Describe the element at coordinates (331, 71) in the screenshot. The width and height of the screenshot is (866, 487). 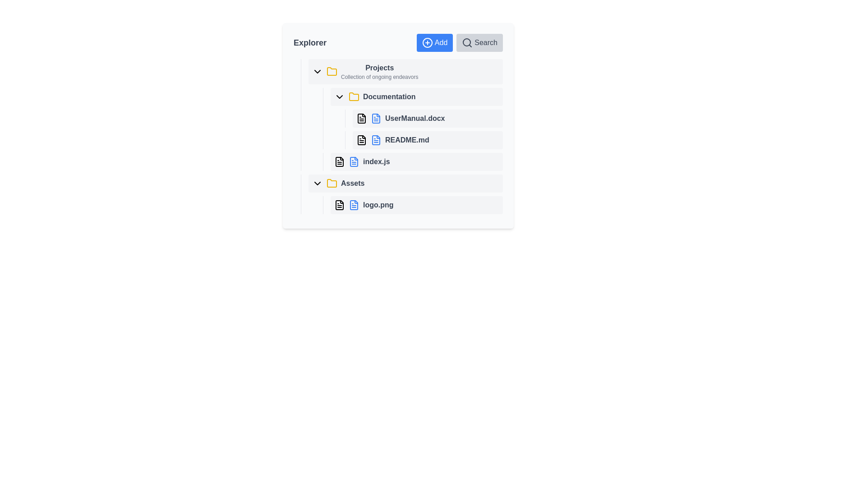
I see `the yellow folder icon representing a directory in the 'Projects' section of the Explorer interface` at that location.